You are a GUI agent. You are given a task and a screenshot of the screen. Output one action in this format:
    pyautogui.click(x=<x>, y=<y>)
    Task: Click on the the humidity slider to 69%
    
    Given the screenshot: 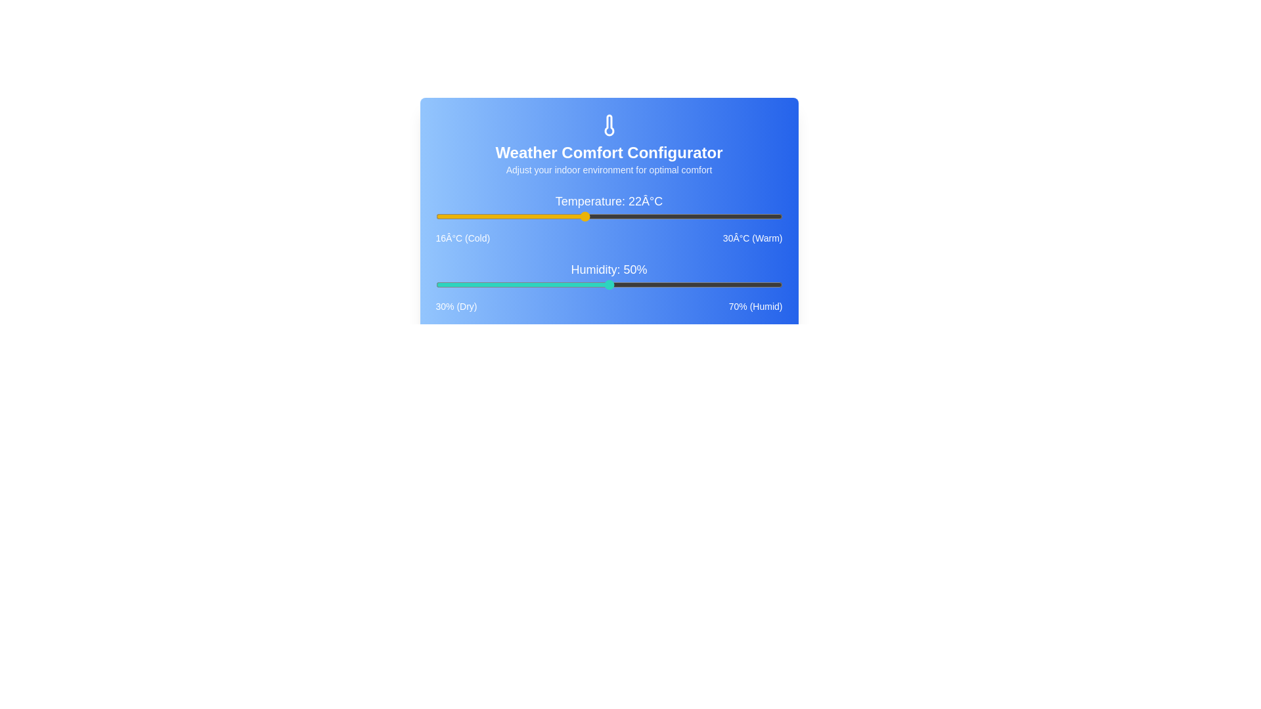 What is the action you would take?
    pyautogui.click(x=774, y=284)
    